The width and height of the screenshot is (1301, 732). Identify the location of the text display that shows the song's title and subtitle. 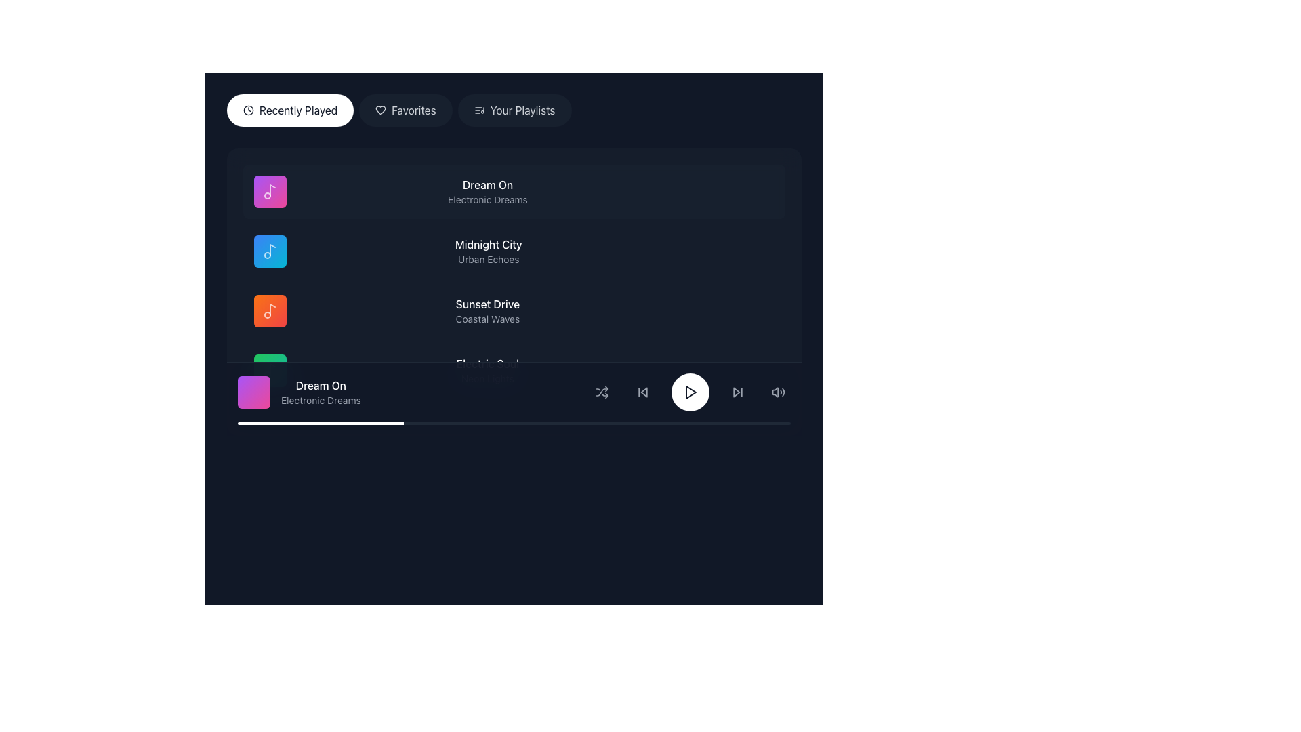
(488, 191).